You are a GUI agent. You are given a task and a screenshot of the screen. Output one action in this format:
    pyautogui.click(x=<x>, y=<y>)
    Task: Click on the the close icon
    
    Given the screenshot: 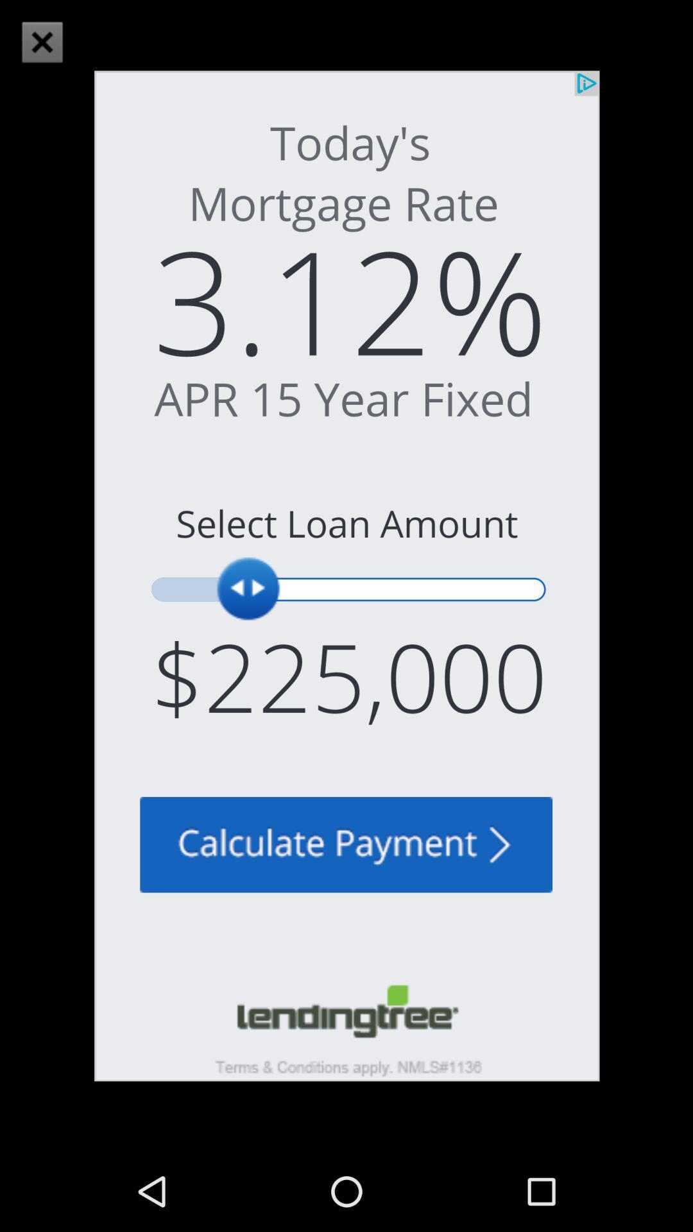 What is the action you would take?
    pyautogui.click(x=41, y=45)
    